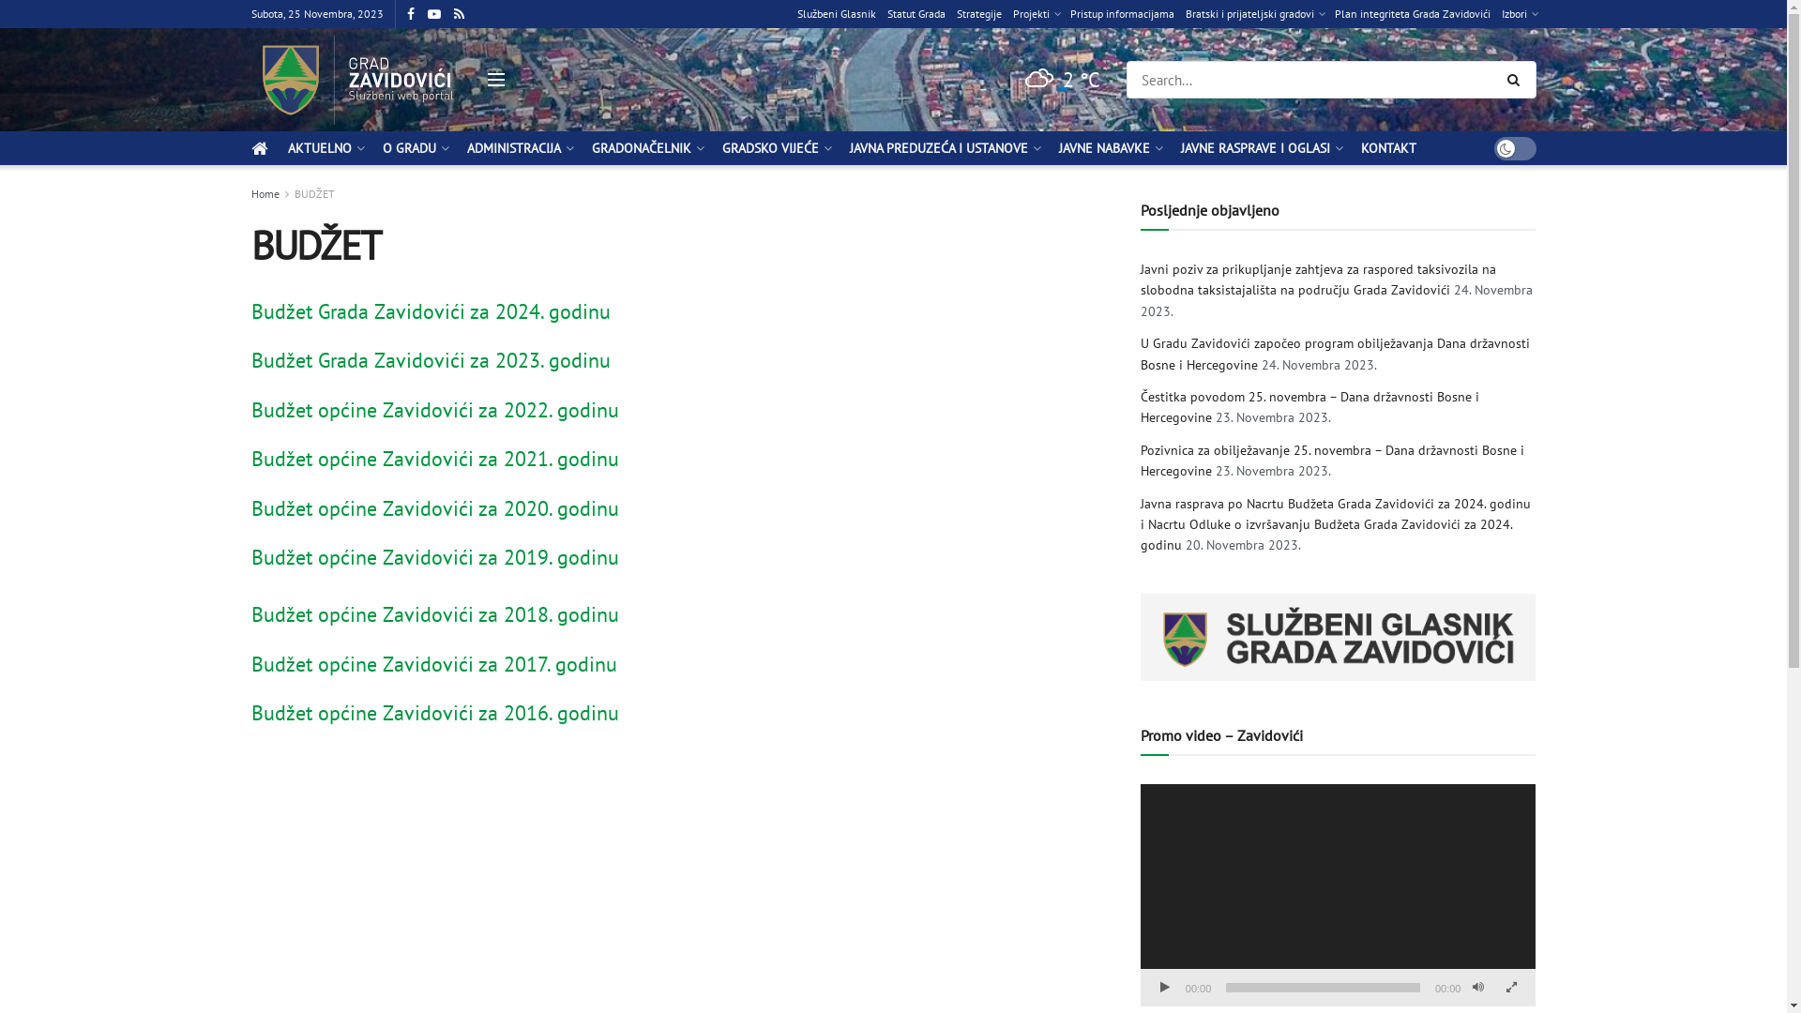 The height and width of the screenshot is (1013, 1801). What do you see at coordinates (1035, 14) in the screenshot?
I see `'Projekti'` at bounding box center [1035, 14].